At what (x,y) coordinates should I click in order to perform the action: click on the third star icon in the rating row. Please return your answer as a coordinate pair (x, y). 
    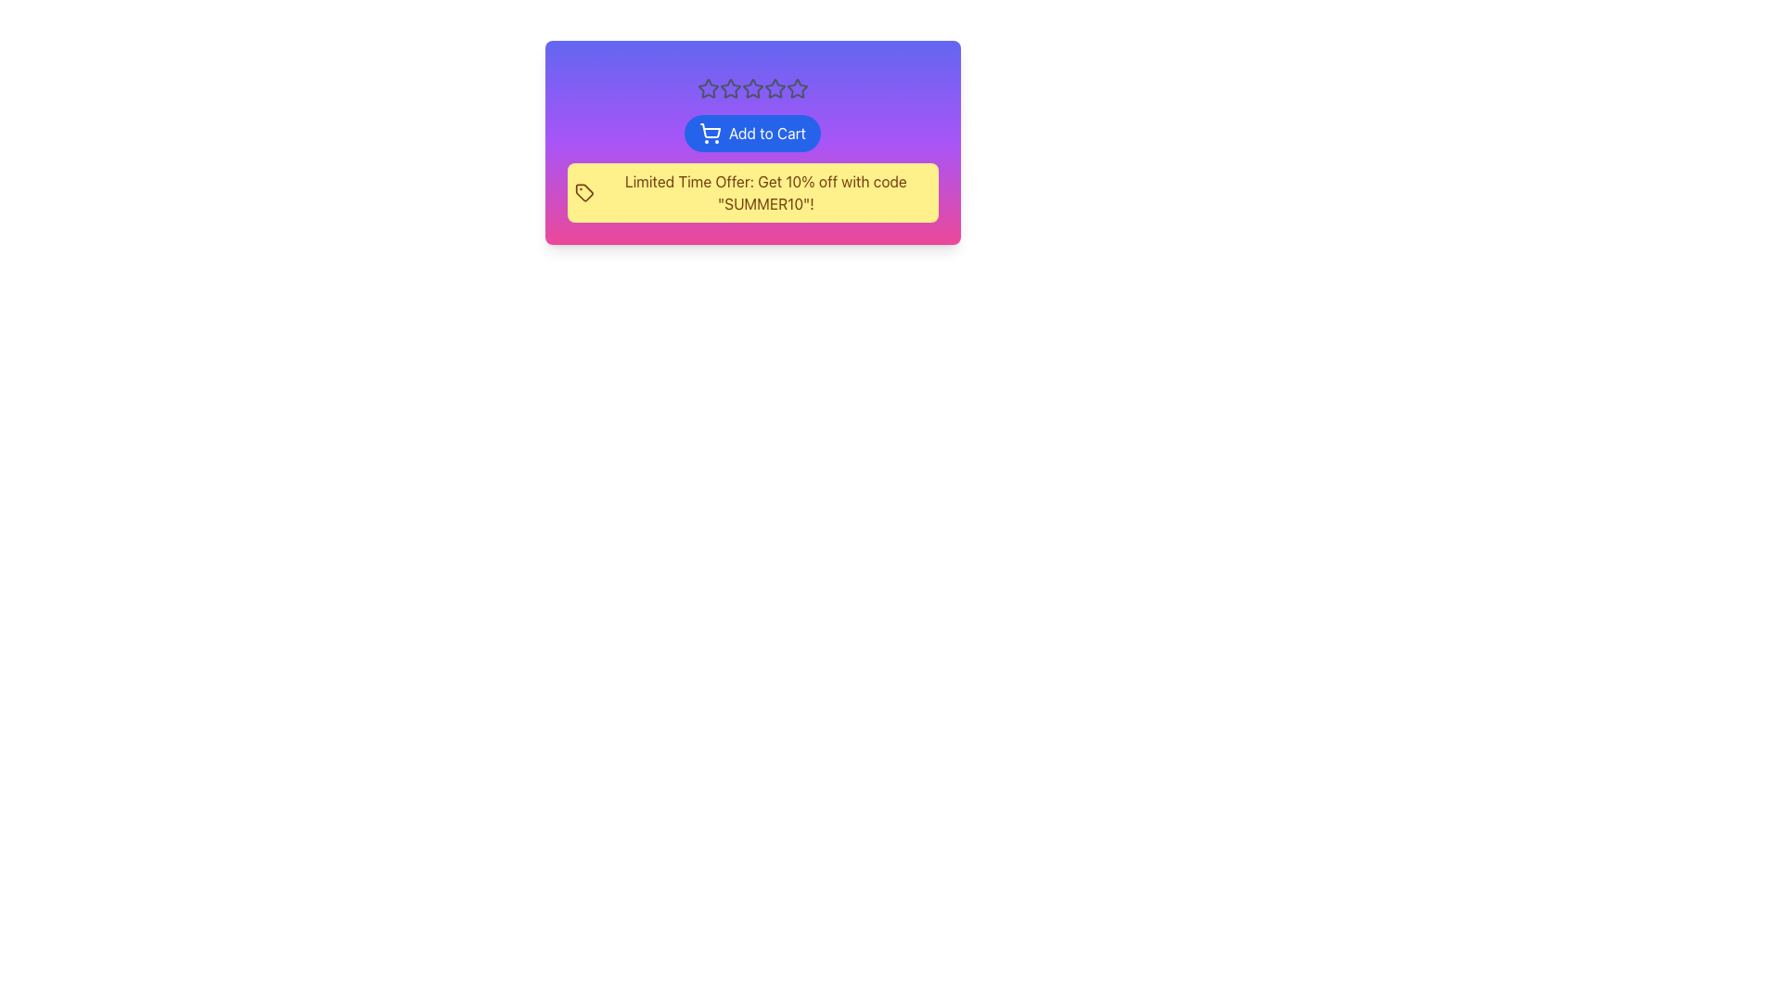
    Looking at the image, I should click on (775, 88).